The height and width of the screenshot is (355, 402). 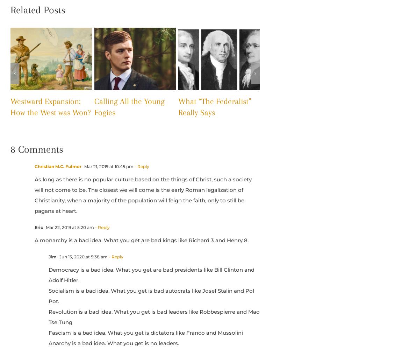 What do you see at coordinates (38, 227) in the screenshot?
I see `'Eric'` at bounding box center [38, 227].